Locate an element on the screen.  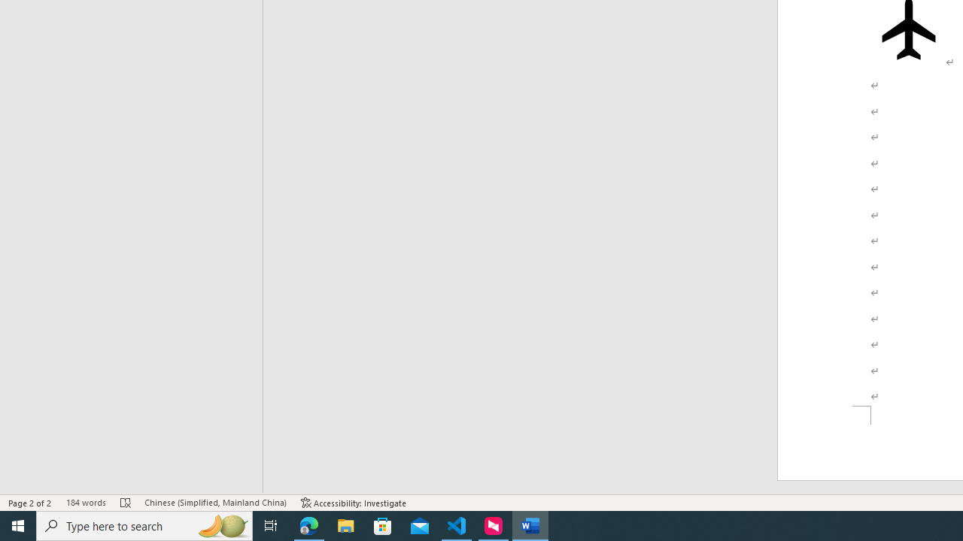
'Accessibility Checker Accessibility: Investigate' is located at coordinates (353, 503).